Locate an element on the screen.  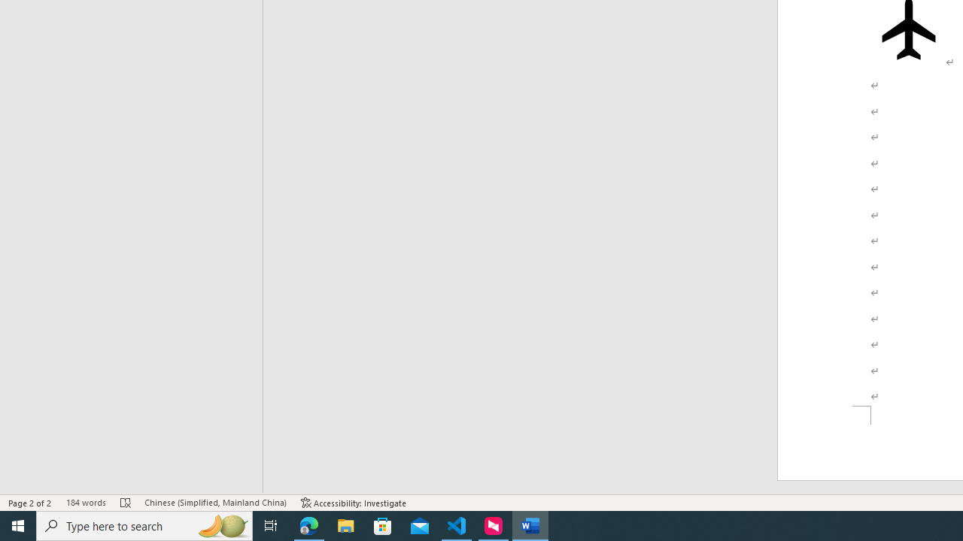
'Accessibility Checker Accessibility: Investigate' is located at coordinates (353, 503).